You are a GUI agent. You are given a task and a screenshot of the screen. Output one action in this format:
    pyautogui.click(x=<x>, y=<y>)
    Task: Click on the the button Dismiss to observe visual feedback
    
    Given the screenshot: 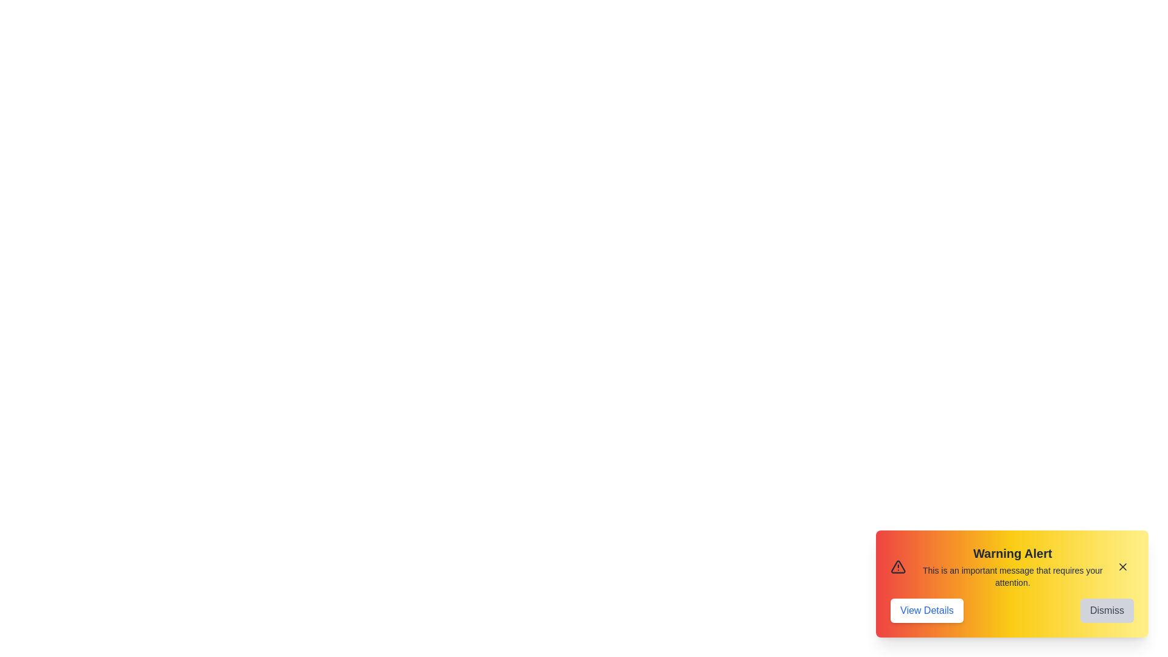 What is the action you would take?
    pyautogui.click(x=1107, y=610)
    